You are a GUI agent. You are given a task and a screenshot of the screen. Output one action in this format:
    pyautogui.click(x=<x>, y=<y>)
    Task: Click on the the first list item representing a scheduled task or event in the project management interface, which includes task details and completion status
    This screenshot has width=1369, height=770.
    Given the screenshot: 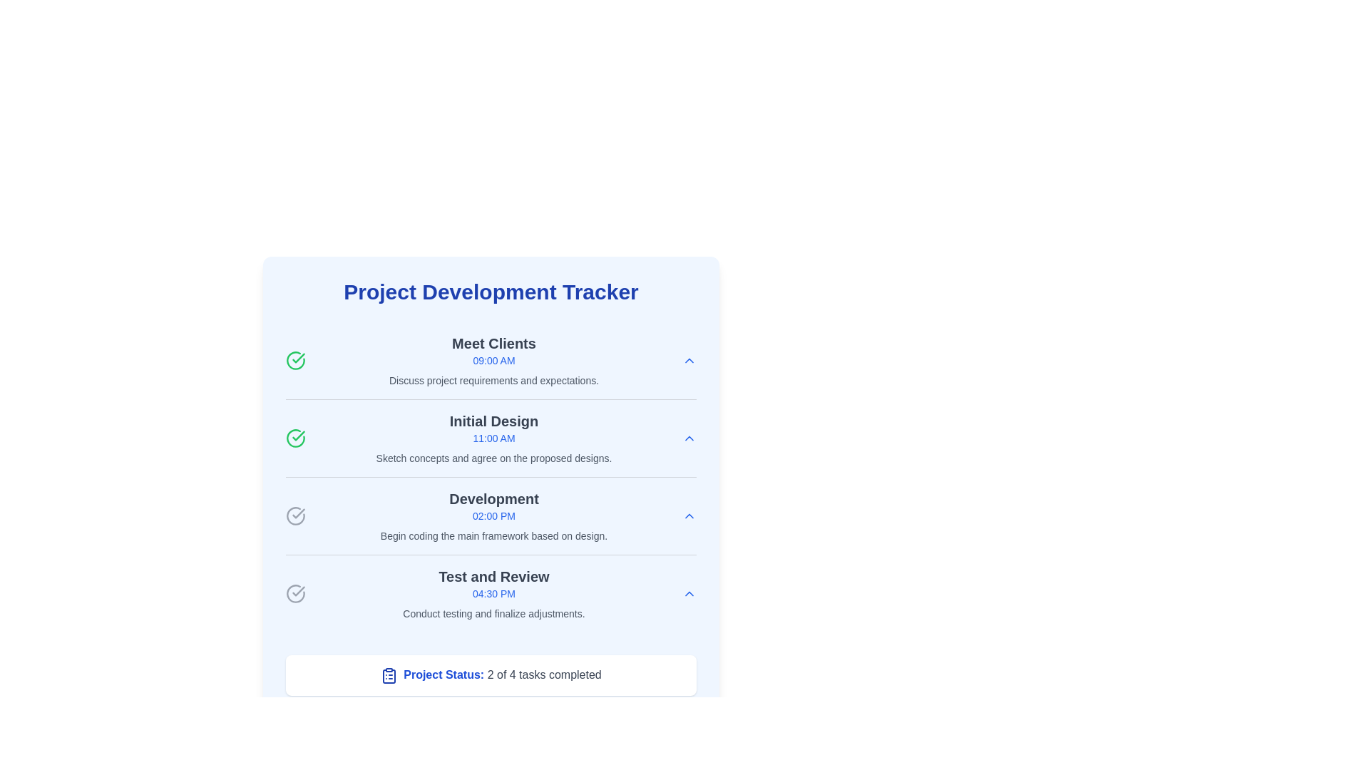 What is the action you would take?
    pyautogui.click(x=491, y=359)
    